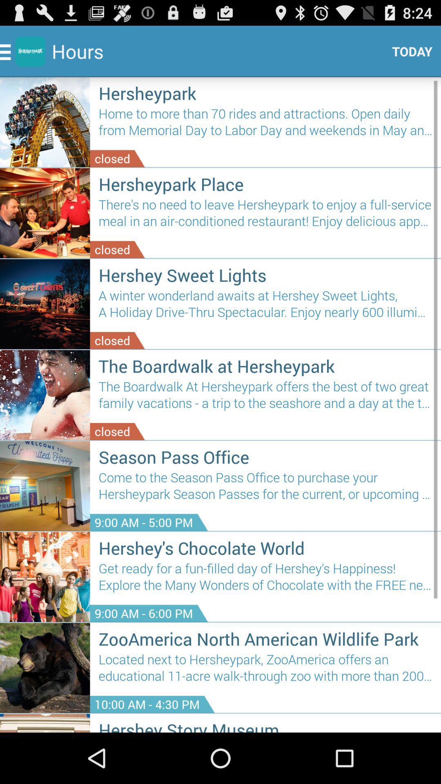 The image size is (441, 784). Describe the element at coordinates (265, 671) in the screenshot. I see `the icon below zooamerica north american item` at that location.